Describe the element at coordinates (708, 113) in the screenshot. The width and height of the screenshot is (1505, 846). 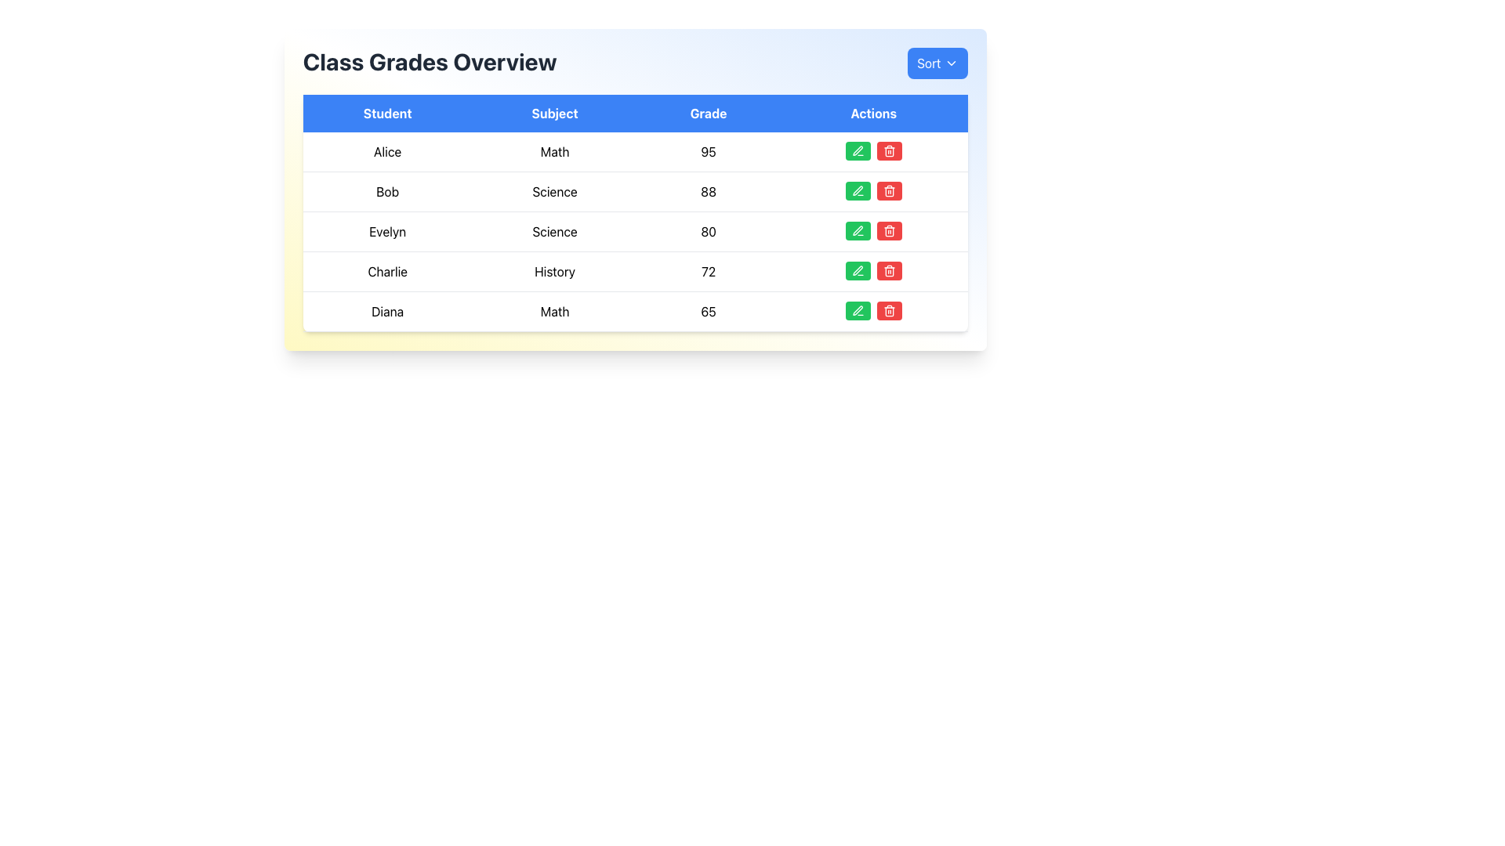
I see `the 'Grade' text label, which is styled in bold white text on a blue background and is the third header in a row of four within a table-like interface` at that location.